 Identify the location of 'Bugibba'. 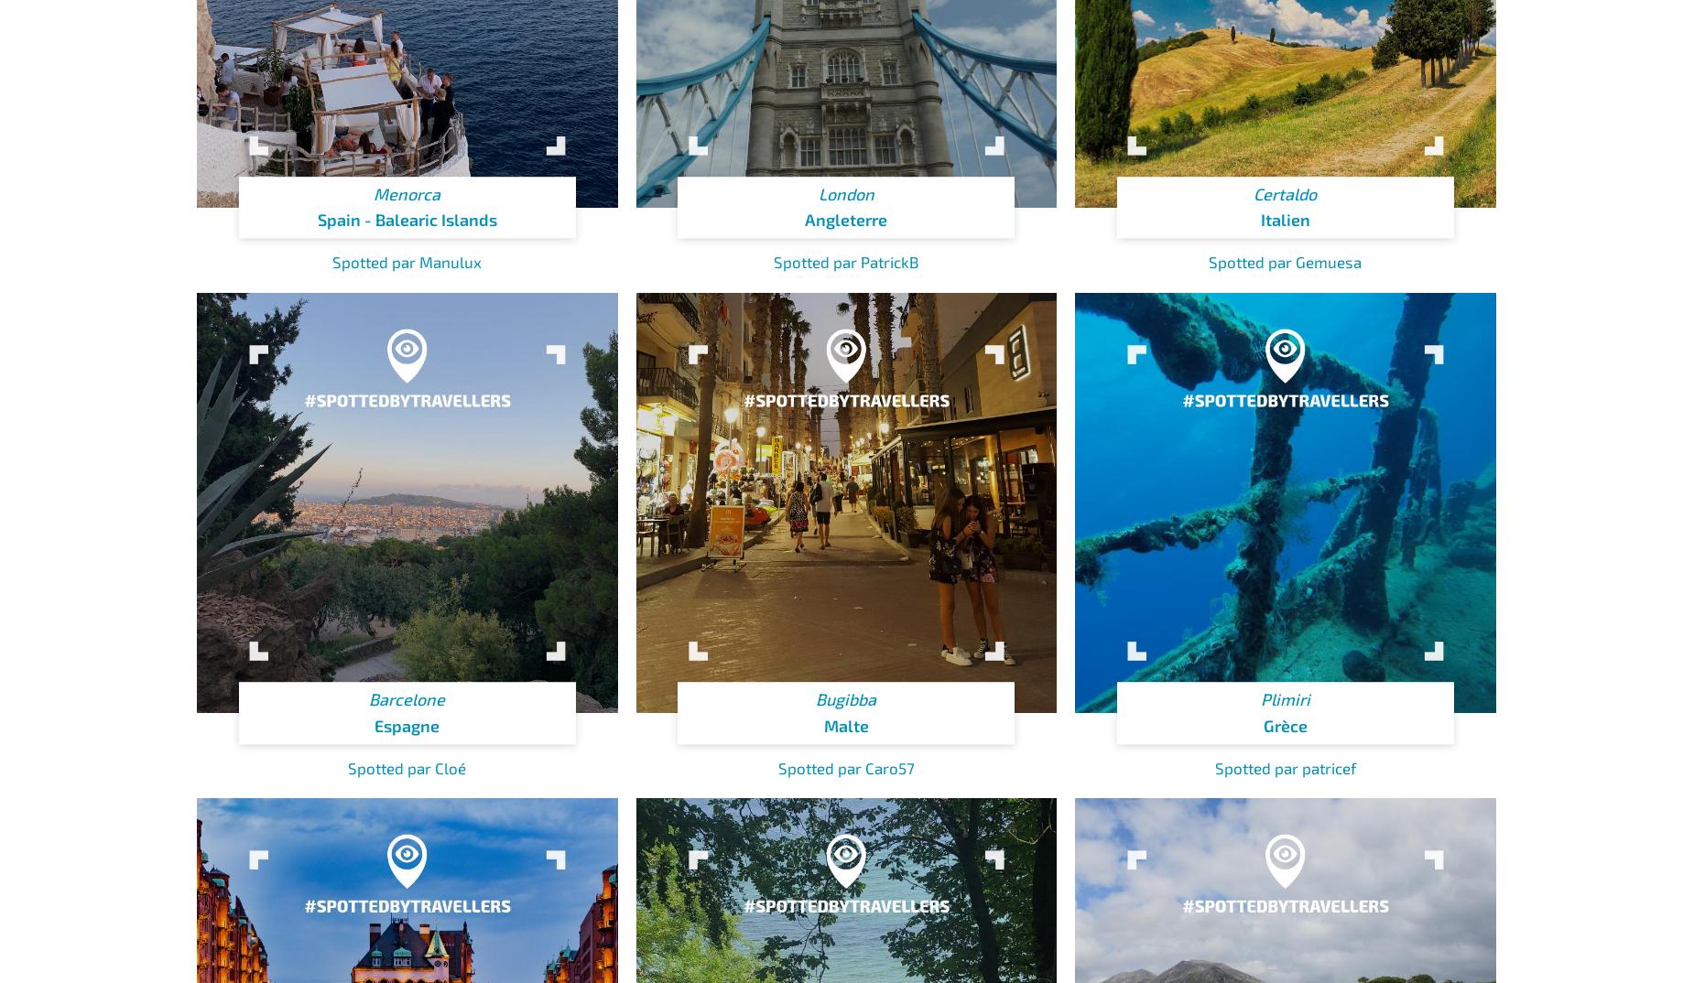
(846, 698).